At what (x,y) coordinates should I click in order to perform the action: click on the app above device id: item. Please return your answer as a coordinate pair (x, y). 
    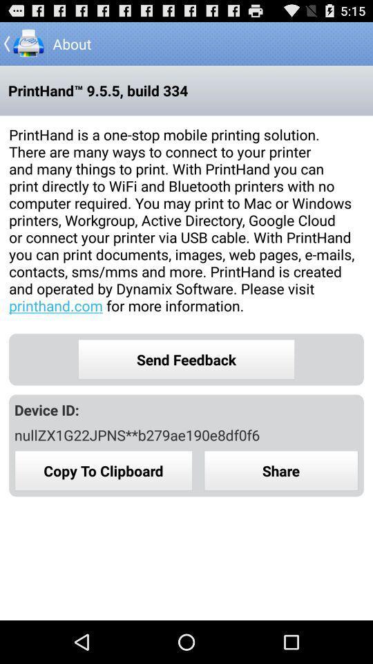
    Looking at the image, I should click on (186, 358).